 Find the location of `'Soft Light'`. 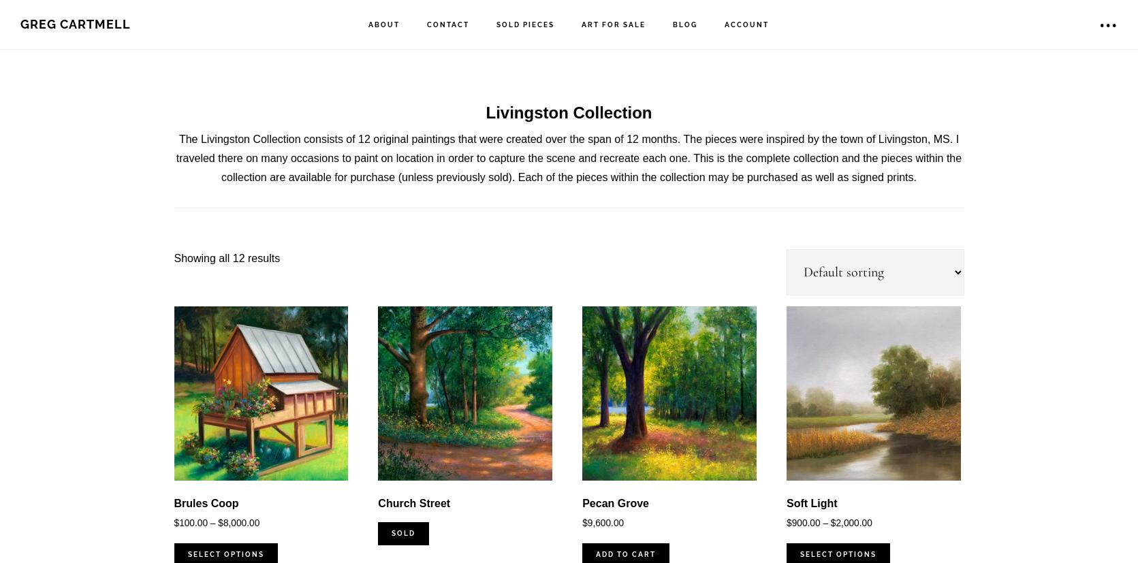

'Soft Light' is located at coordinates (811, 502).